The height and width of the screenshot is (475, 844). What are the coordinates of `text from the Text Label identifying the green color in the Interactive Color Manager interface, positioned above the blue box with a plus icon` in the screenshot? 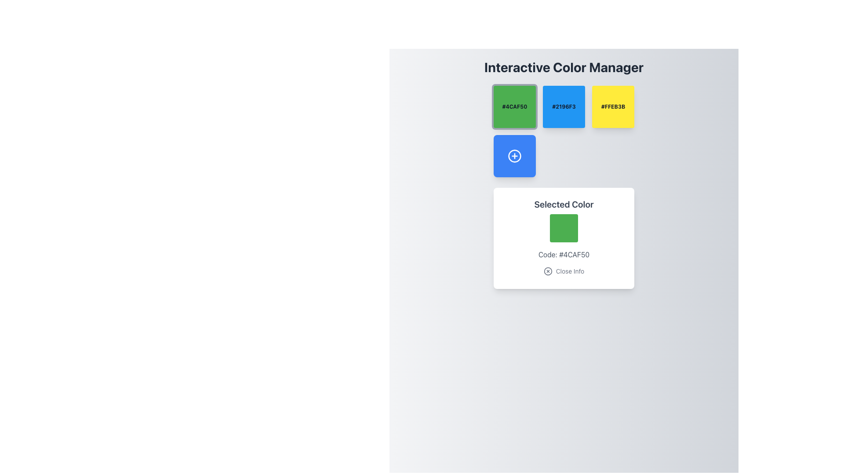 It's located at (515, 106).